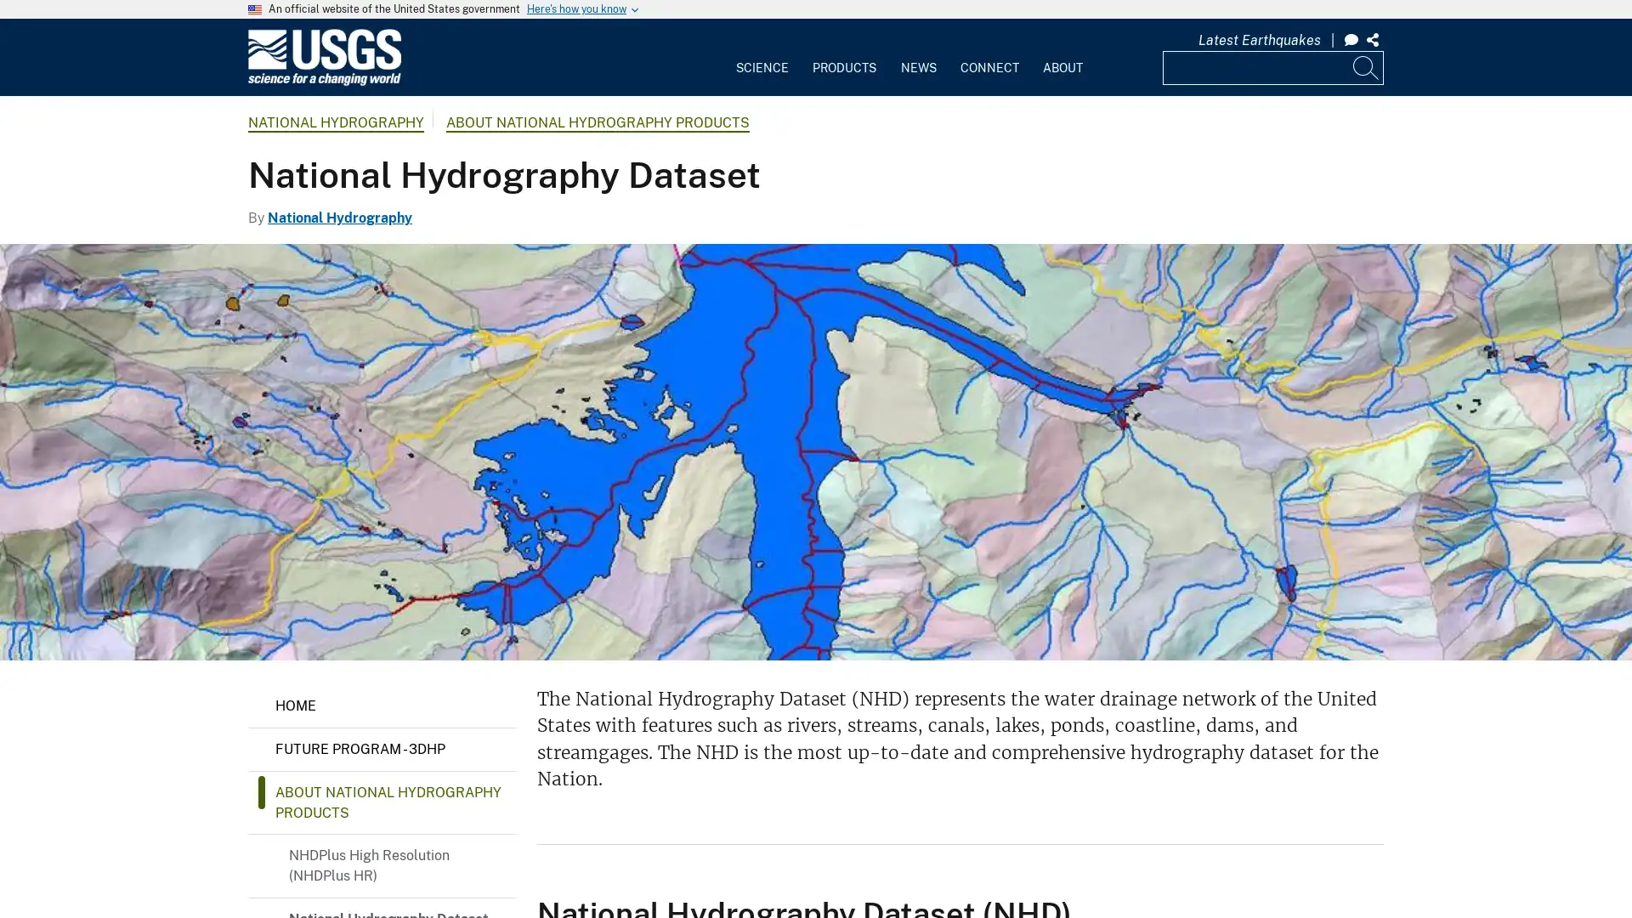 The image size is (1632, 918). I want to click on SCIENCE, so click(762, 55).